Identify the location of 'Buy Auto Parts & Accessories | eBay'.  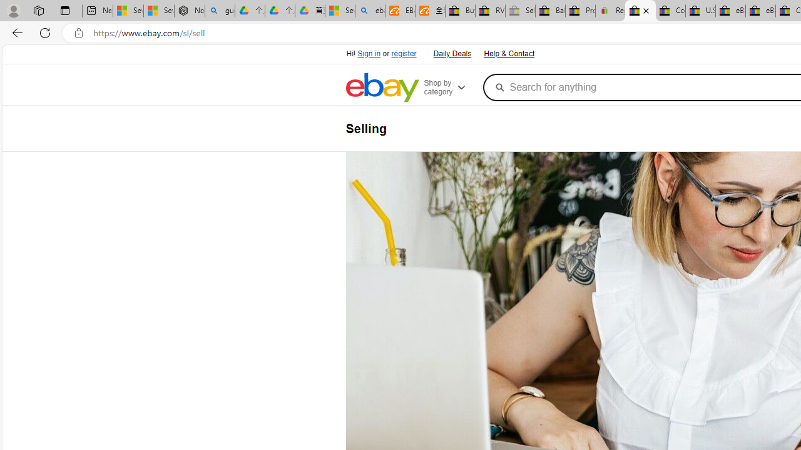
(459, 11).